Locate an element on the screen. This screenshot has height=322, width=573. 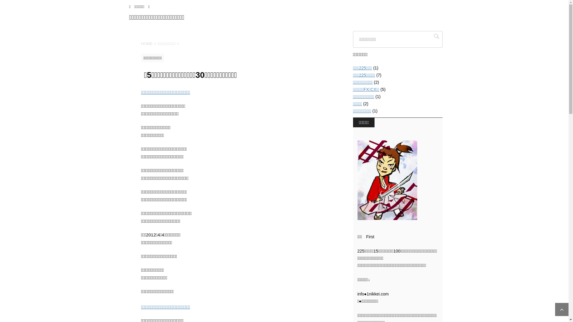
'HOME' is located at coordinates (147, 43).